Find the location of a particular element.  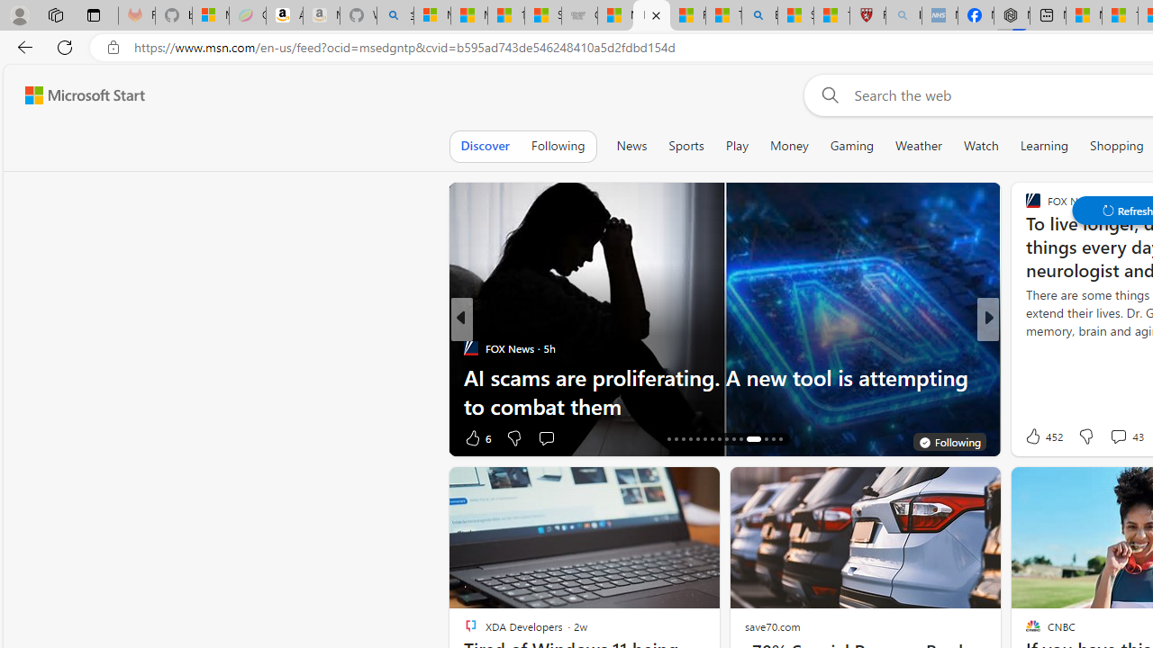

'AutomationID: tab-21' is located at coordinates (704, 439).